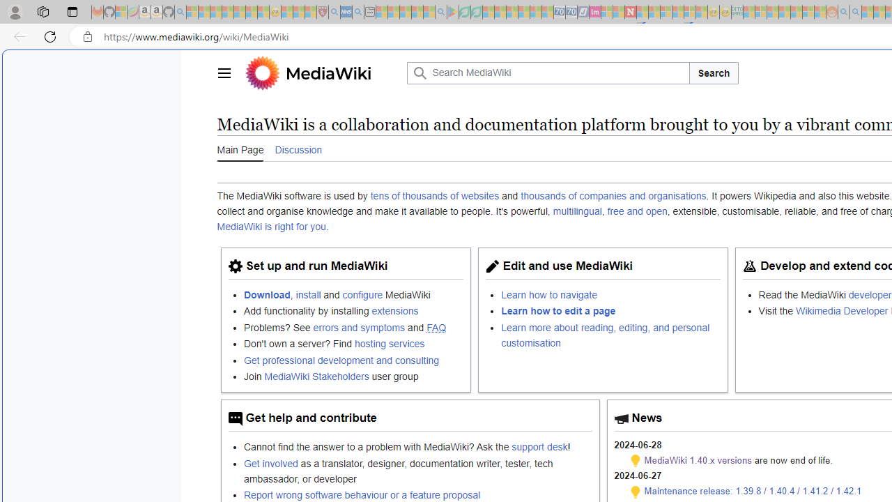 This screenshot has height=502, width=892. What do you see at coordinates (613, 196) in the screenshot?
I see `'thousands of companies and organisations'` at bounding box center [613, 196].